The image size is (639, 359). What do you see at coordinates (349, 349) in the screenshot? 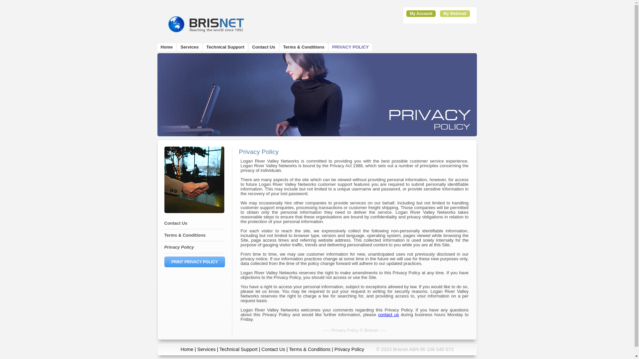
I see `'Privacy Policy'` at bounding box center [349, 349].